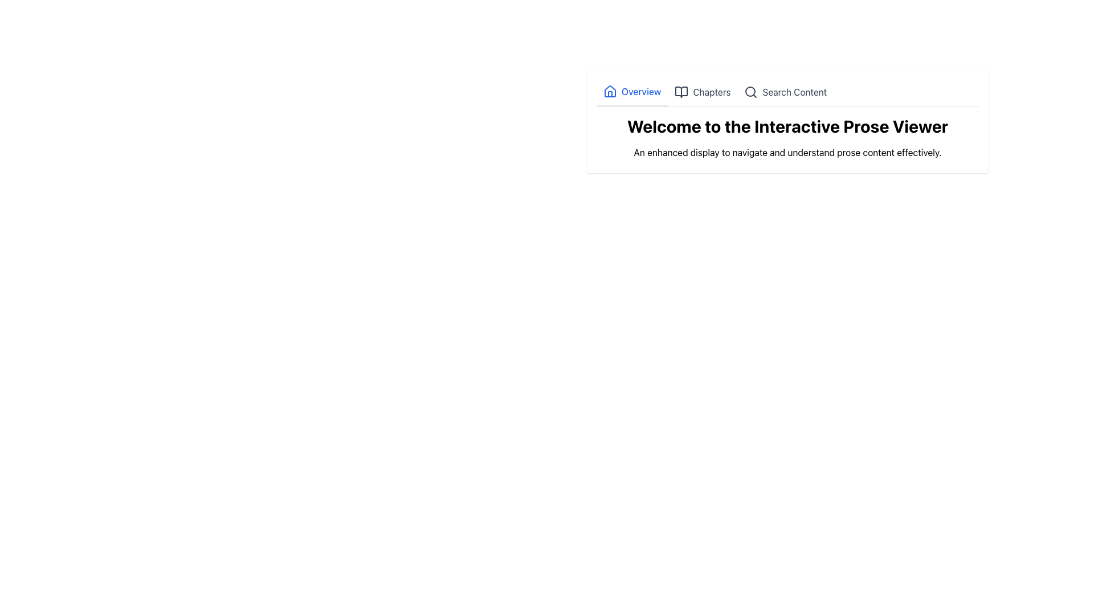 The width and height of the screenshot is (1094, 615). I want to click on the door part of the house-shaped icon located at the top left of the interface near the navigation bar, so click(609, 93).